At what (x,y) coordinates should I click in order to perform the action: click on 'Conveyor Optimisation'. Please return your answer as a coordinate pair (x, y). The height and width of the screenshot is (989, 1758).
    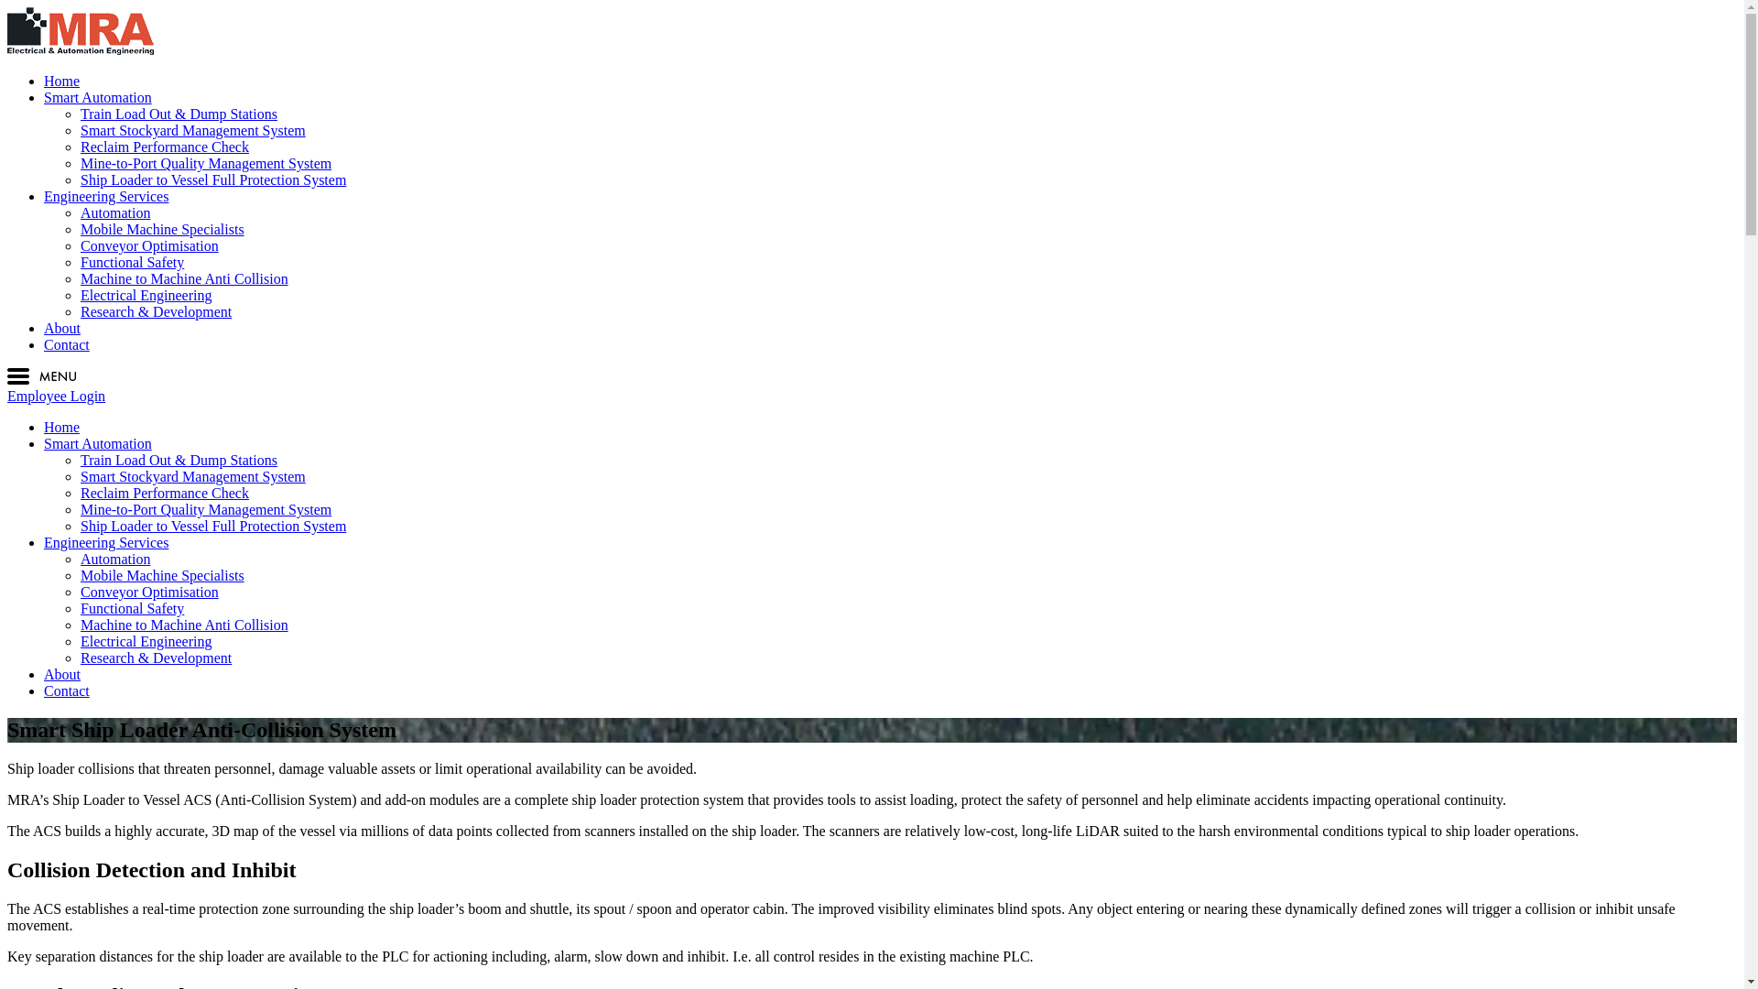
    Looking at the image, I should click on (149, 245).